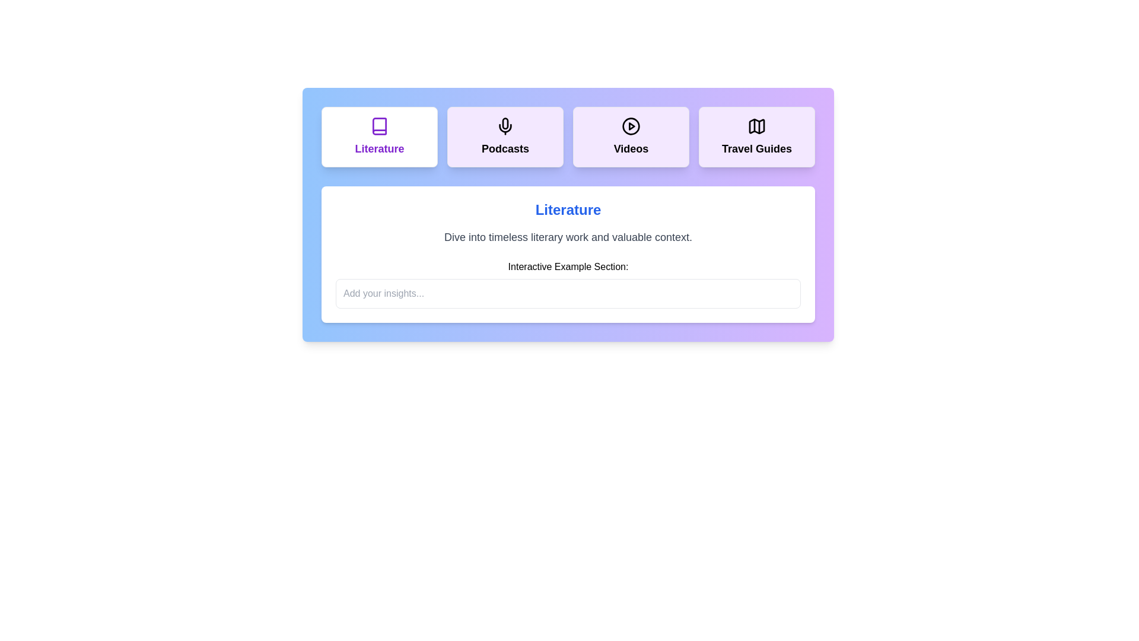 Image resolution: width=1139 pixels, height=641 pixels. I want to click on the tab corresponding to Videos, so click(631, 137).